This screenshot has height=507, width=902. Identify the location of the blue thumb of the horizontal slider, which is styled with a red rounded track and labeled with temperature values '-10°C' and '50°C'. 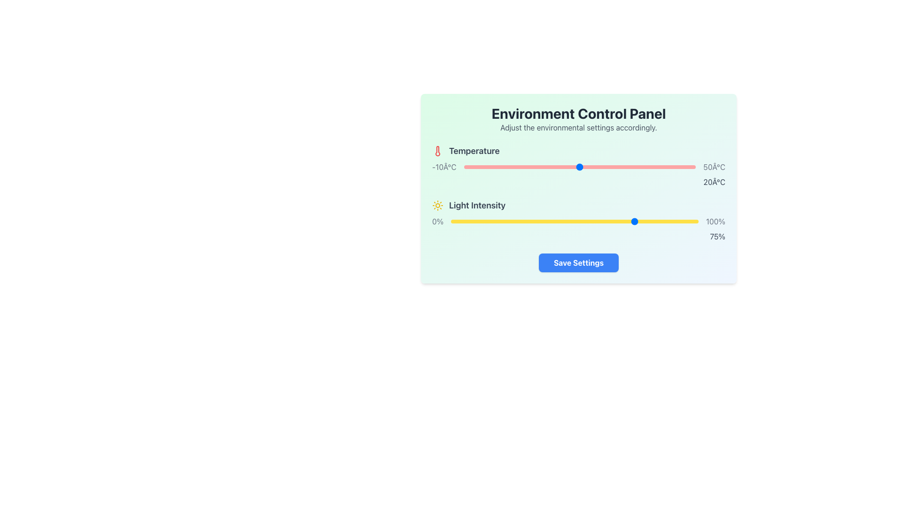
(578, 166).